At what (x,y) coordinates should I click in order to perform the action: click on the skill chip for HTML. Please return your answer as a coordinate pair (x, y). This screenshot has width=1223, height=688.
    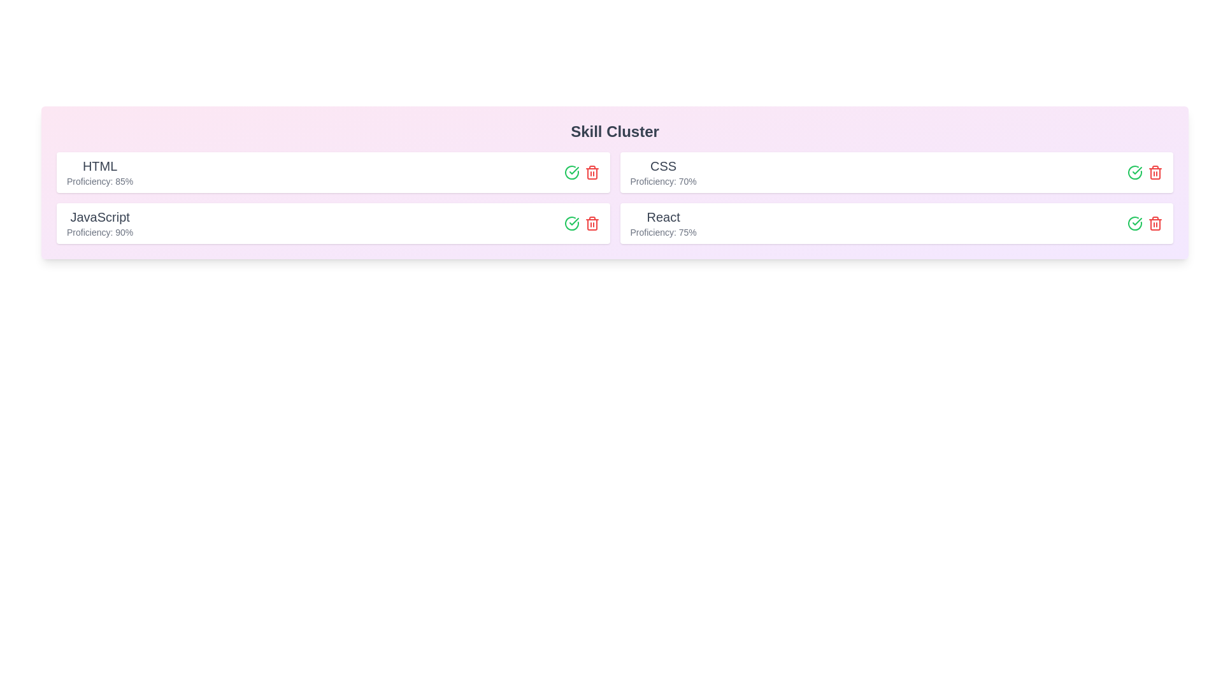
    Looking at the image, I should click on (333, 172).